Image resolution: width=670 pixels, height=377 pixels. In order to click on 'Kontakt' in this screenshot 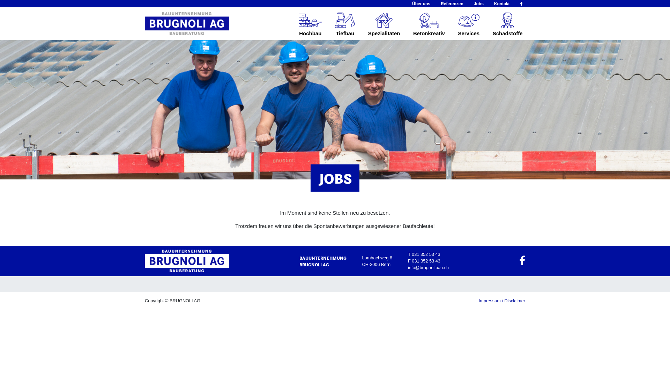, I will do `click(501, 3)`.